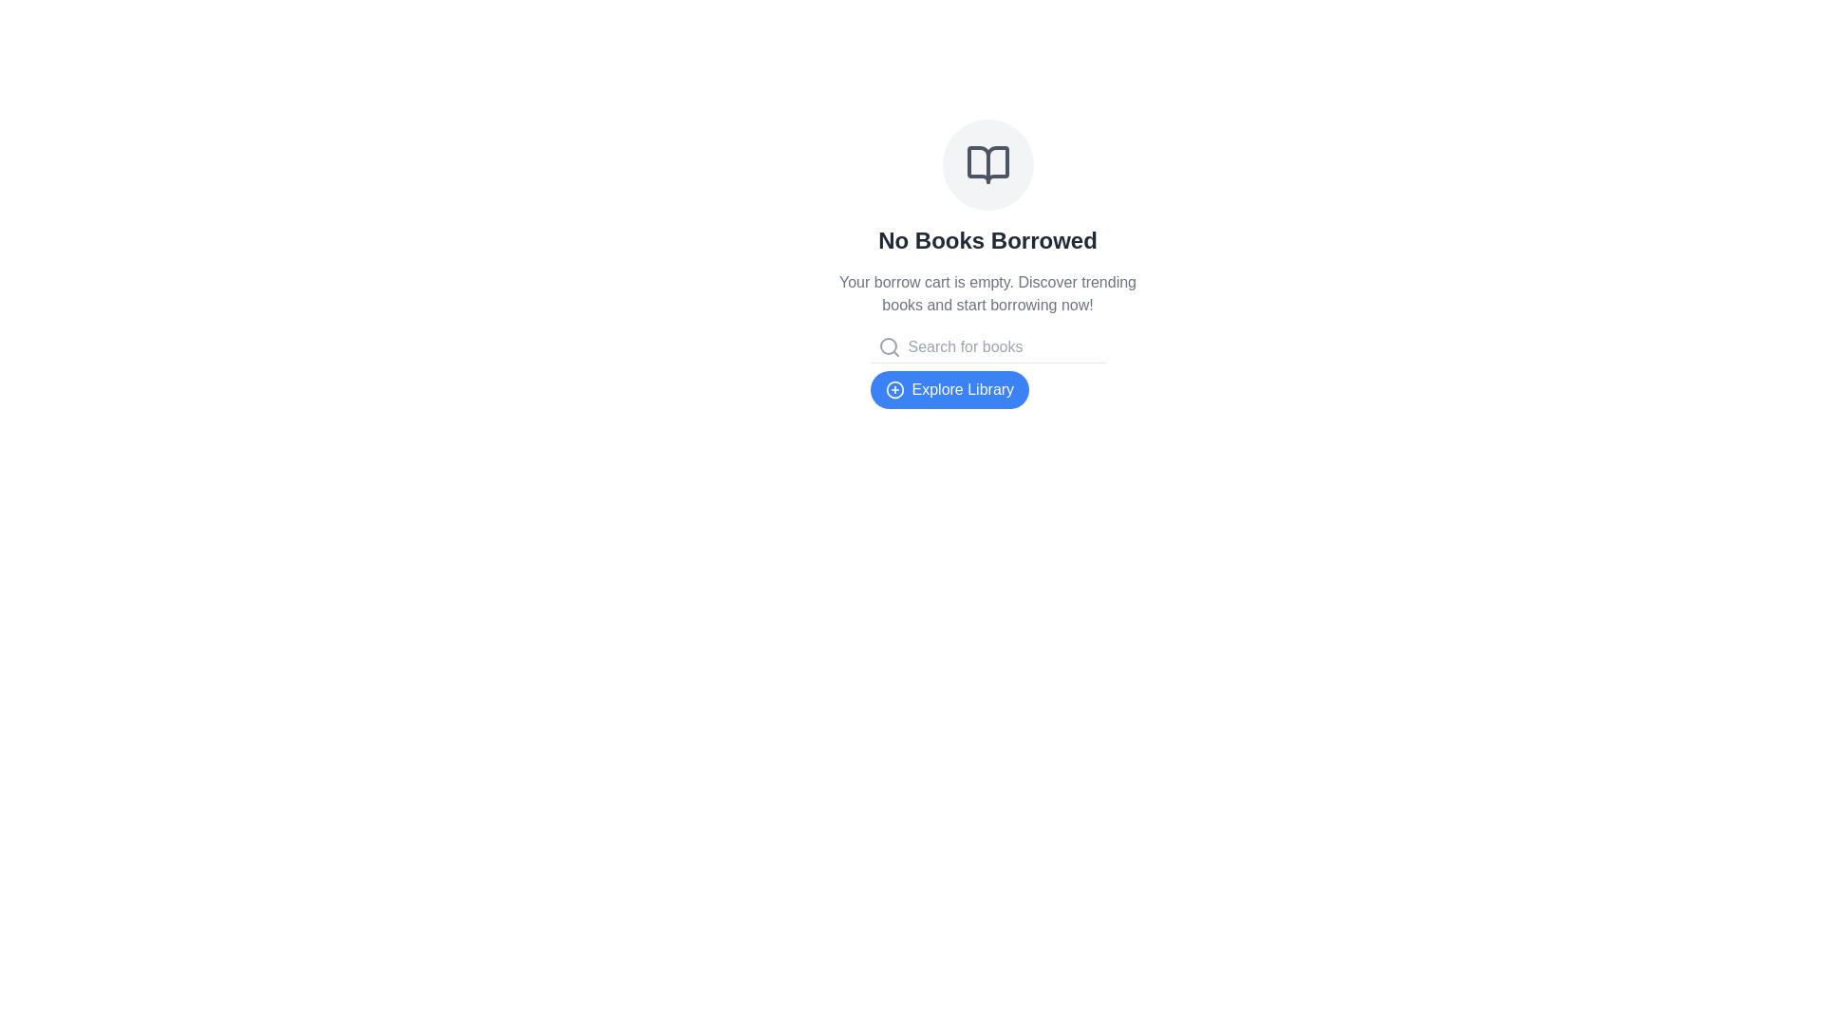 The width and height of the screenshot is (1823, 1025). I want to click on the add or expand icon located within the 'Explore Library' button, which is positioned under the 'Search for books' text, so click(893, 389).